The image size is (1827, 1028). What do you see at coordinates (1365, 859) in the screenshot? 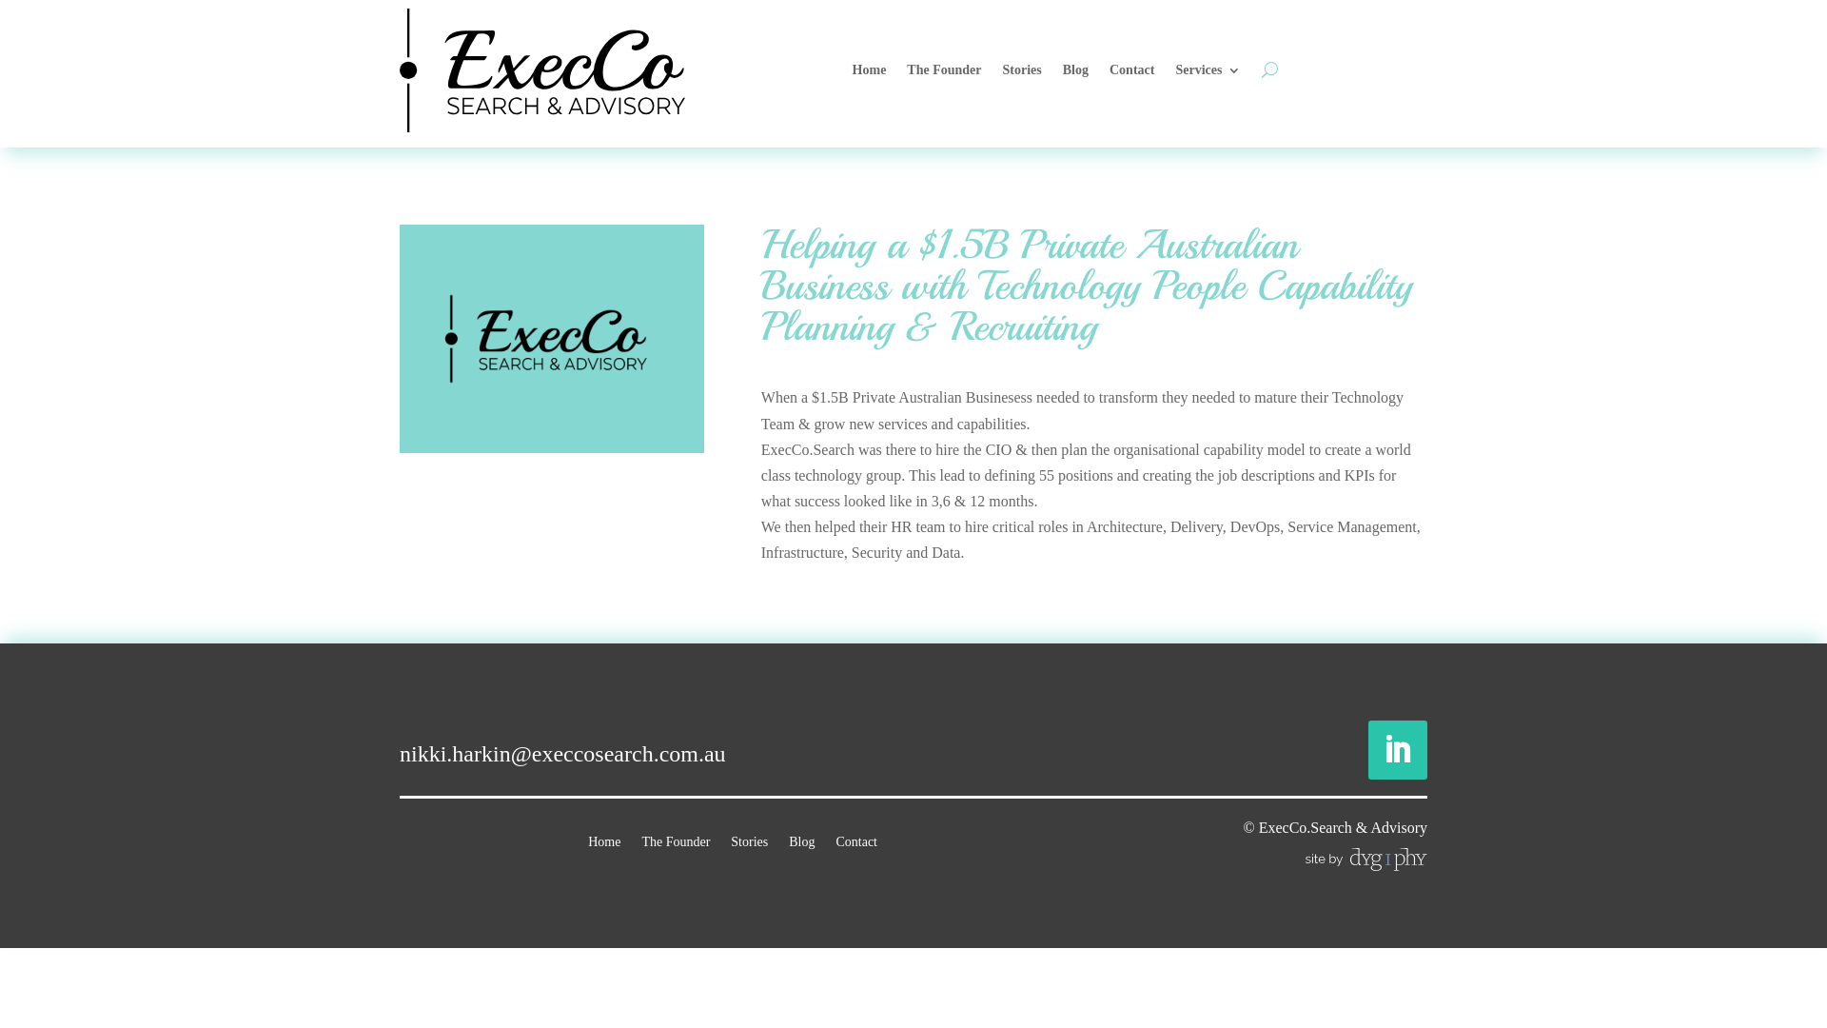
I see `'Web development and photography by Dygiphy'` at bounding box center [1365, 859].